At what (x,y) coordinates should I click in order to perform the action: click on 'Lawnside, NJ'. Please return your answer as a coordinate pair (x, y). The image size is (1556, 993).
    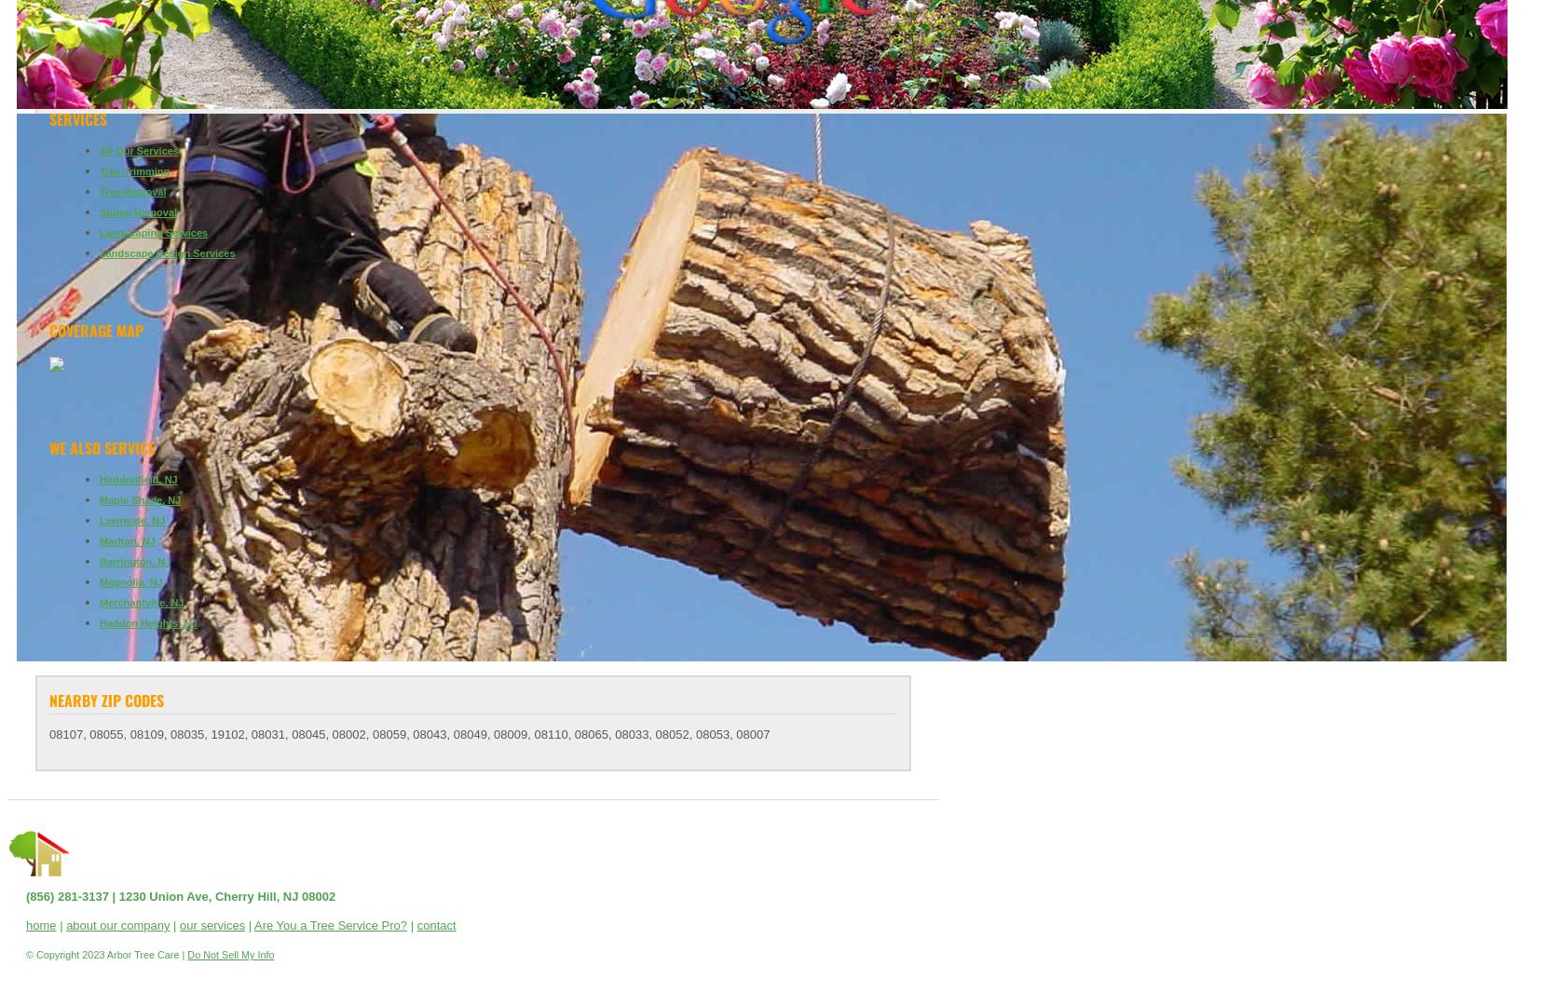
    Looking at the image, I should click on (130, 520).